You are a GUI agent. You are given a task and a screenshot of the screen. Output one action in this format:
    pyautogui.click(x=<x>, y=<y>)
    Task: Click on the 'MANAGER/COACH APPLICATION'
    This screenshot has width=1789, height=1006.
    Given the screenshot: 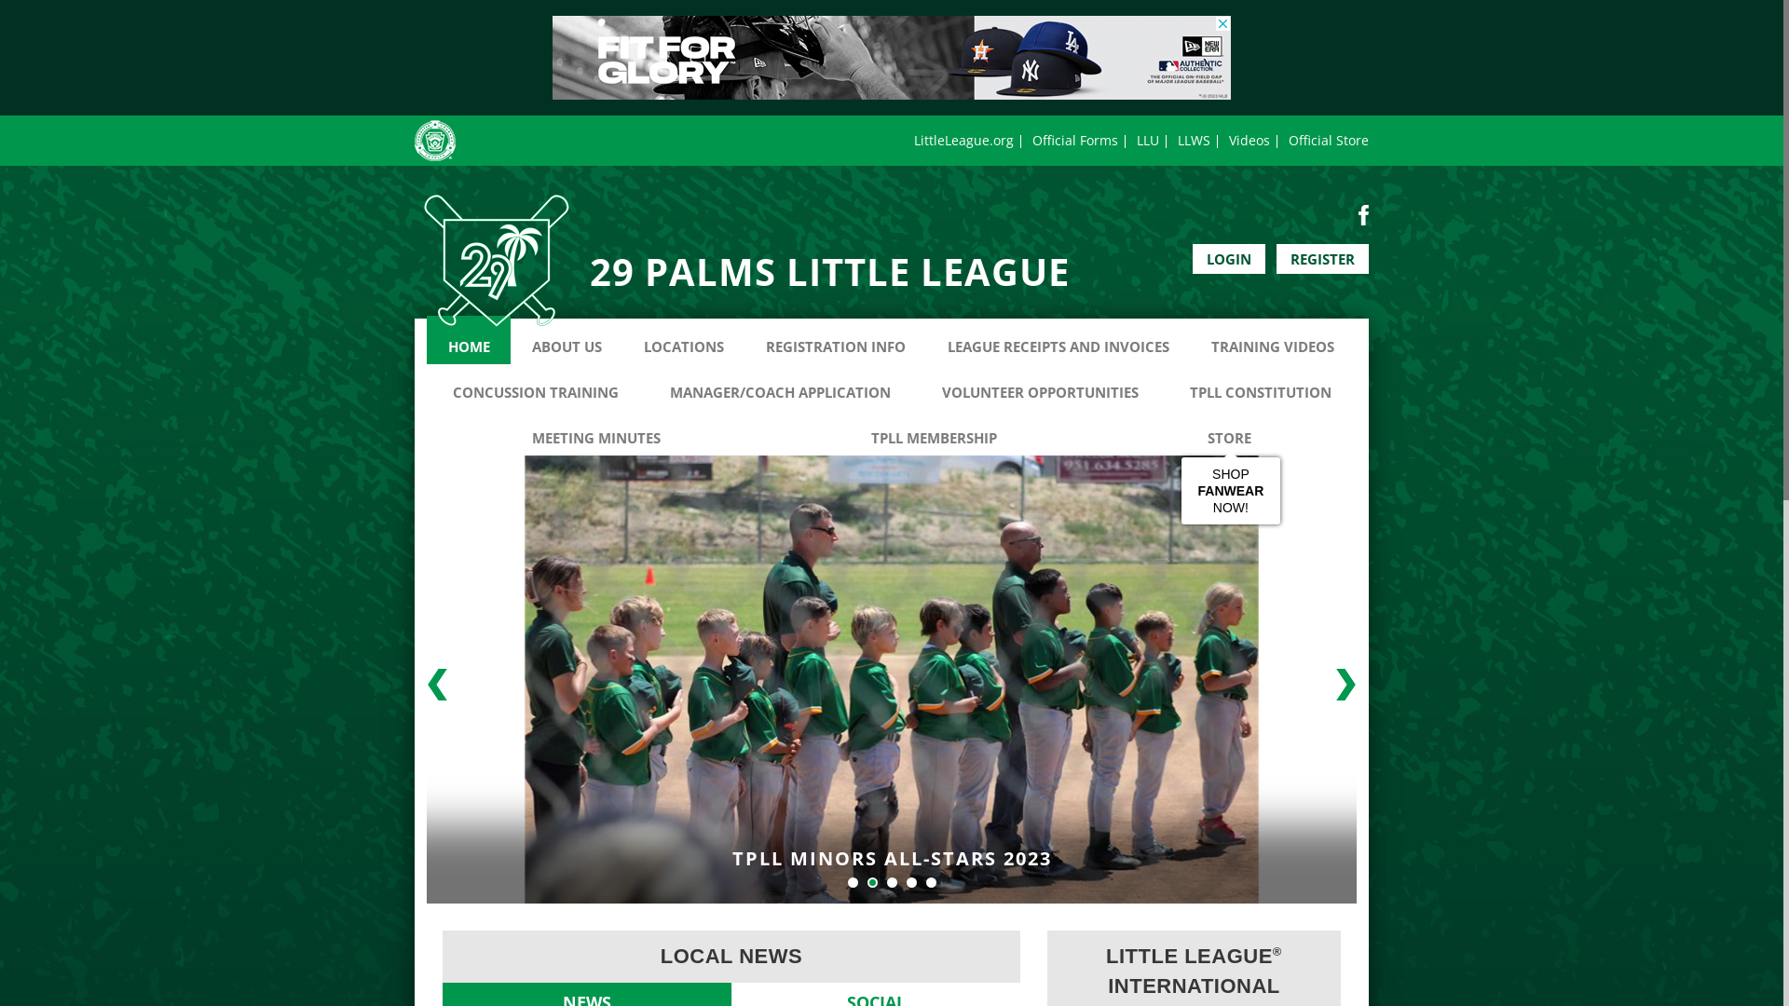 What is the action you would take?
    pyautogui.click(x=779, y=384)
    